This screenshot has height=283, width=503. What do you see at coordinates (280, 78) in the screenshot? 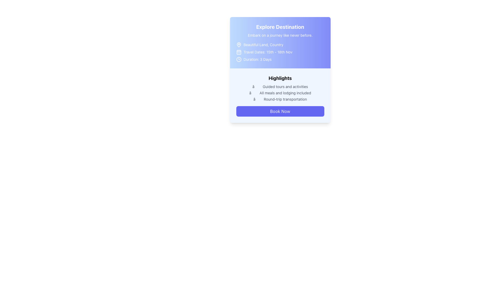
I see `the bold label with the text 'Highlights' that serves as a title above a list of features` at bounding box center [280, 78].